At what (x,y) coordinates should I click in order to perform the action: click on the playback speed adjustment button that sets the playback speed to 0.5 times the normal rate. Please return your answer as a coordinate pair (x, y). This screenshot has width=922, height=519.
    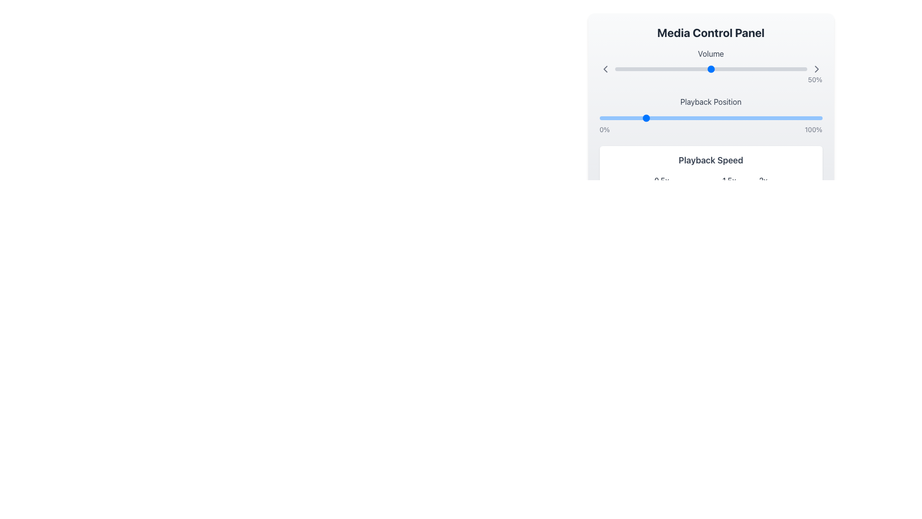
    Looking at the image, I should click on (661, 180).